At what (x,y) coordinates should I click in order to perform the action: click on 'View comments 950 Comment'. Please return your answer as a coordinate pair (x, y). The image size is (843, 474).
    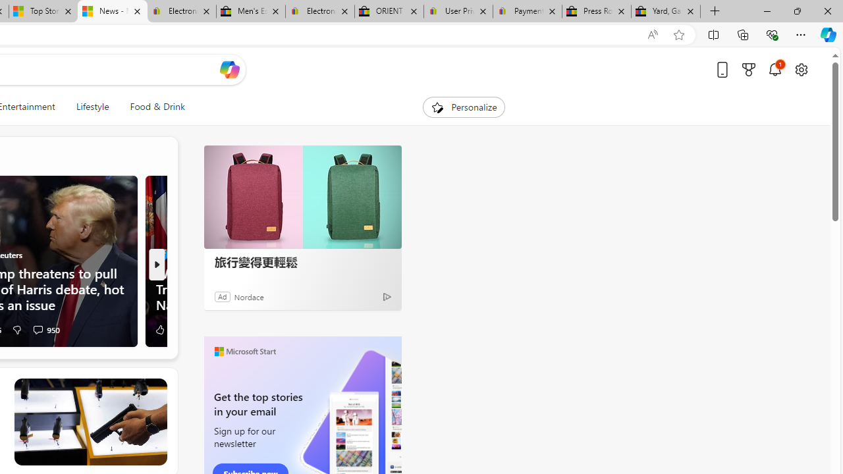
    Looking at the image, I should click on (38, 329).